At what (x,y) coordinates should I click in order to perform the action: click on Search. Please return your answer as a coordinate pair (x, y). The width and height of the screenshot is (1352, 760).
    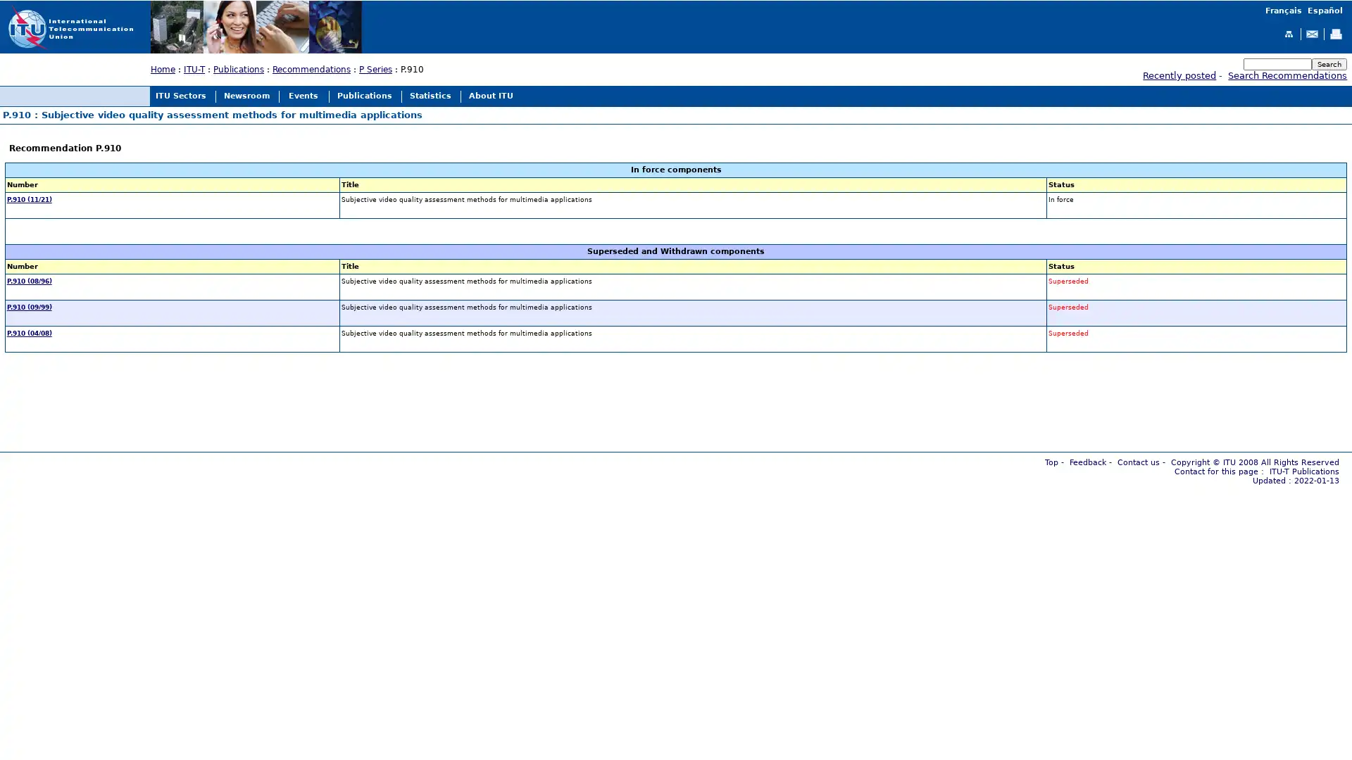
    Looking at the image, I should click on (1328, 63).